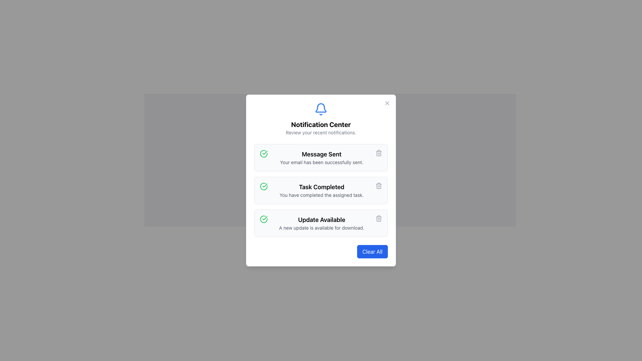 This screenshot has width=642, height=361. I want to click on the text section within the 'Task Completed' notification, which provides feedback for a successfully completed task, so click(321, 191).